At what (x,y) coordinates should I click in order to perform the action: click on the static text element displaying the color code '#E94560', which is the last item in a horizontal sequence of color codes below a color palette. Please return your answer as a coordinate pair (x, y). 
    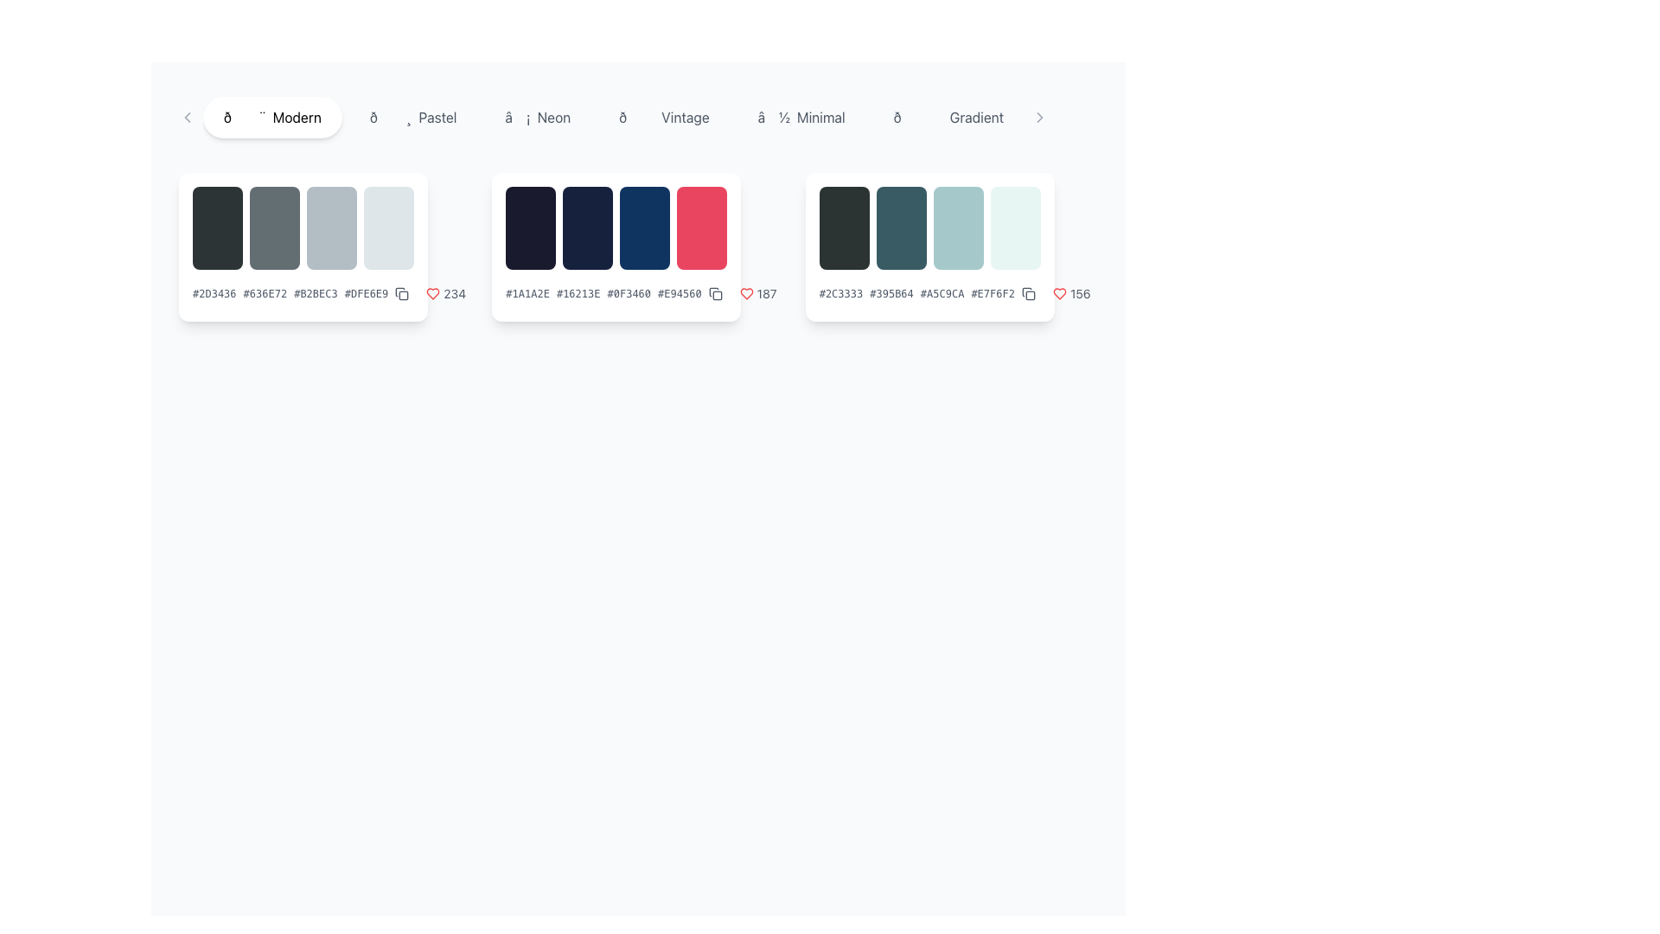
    Looking at the image, I should click on (679, 292).